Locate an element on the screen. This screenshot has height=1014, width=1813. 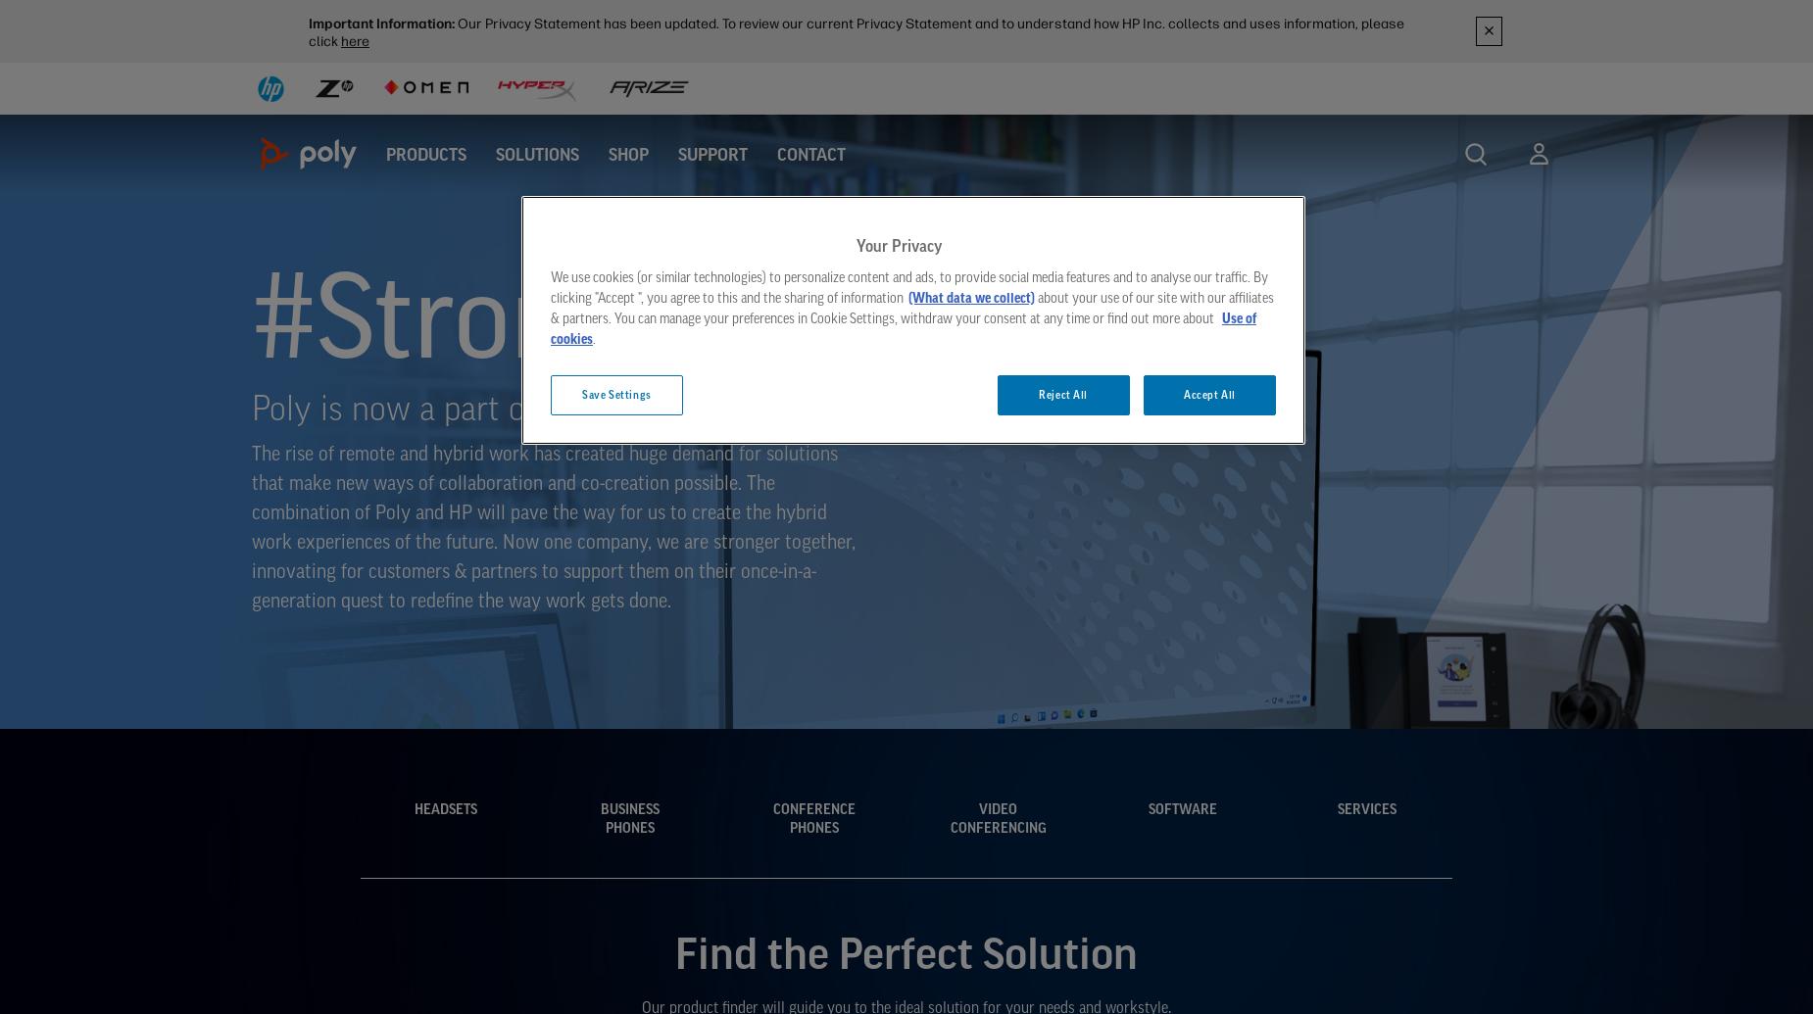
'here' is located at coordinates (354, 41).